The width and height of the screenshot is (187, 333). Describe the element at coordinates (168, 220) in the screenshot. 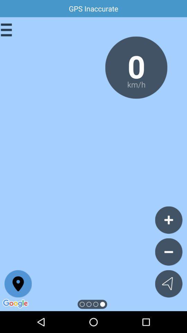

I see `the add icon` at that location.